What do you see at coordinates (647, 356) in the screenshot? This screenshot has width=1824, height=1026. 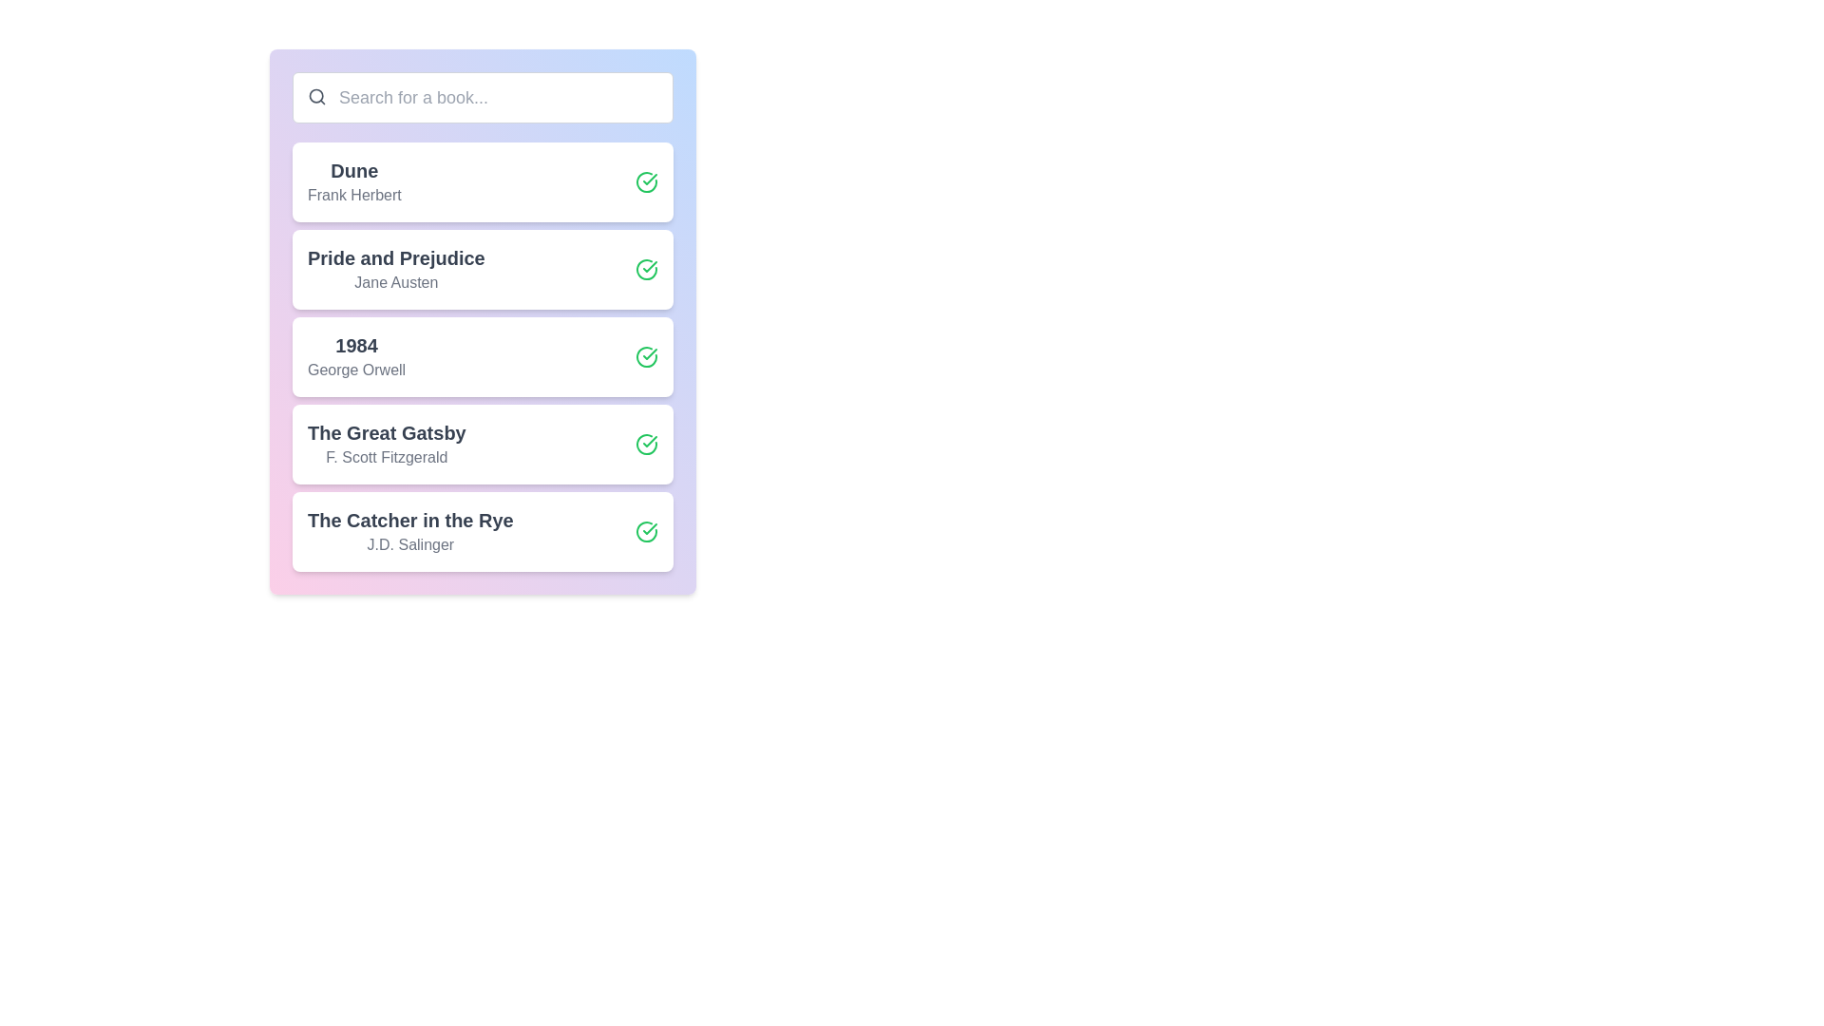 I see `the state of the circular green icon with a checkmark located to the right of the text '1984' and 'George Orwell' in the list item` at bounding box center [647, 356].